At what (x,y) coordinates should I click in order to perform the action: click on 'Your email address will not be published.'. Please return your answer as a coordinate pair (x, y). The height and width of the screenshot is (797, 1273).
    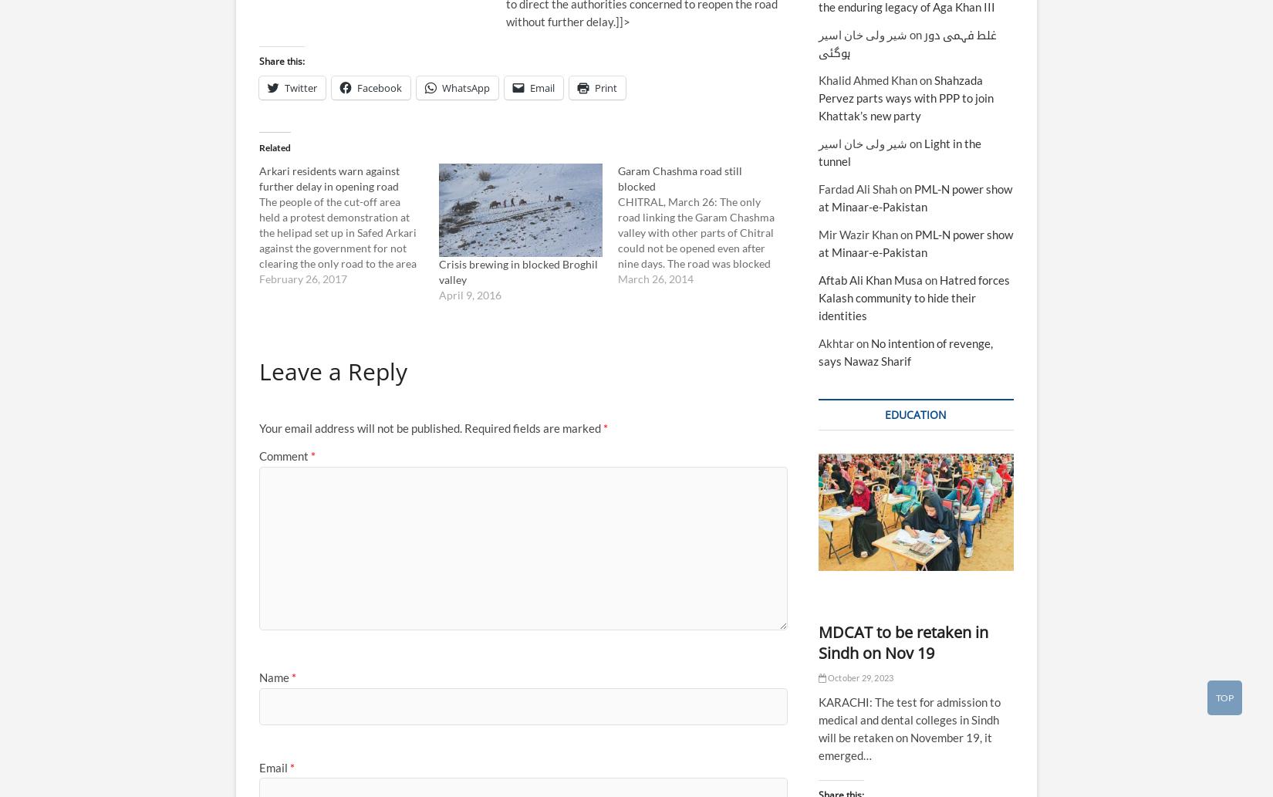
    Looking at the image, I should click on (258, 426).